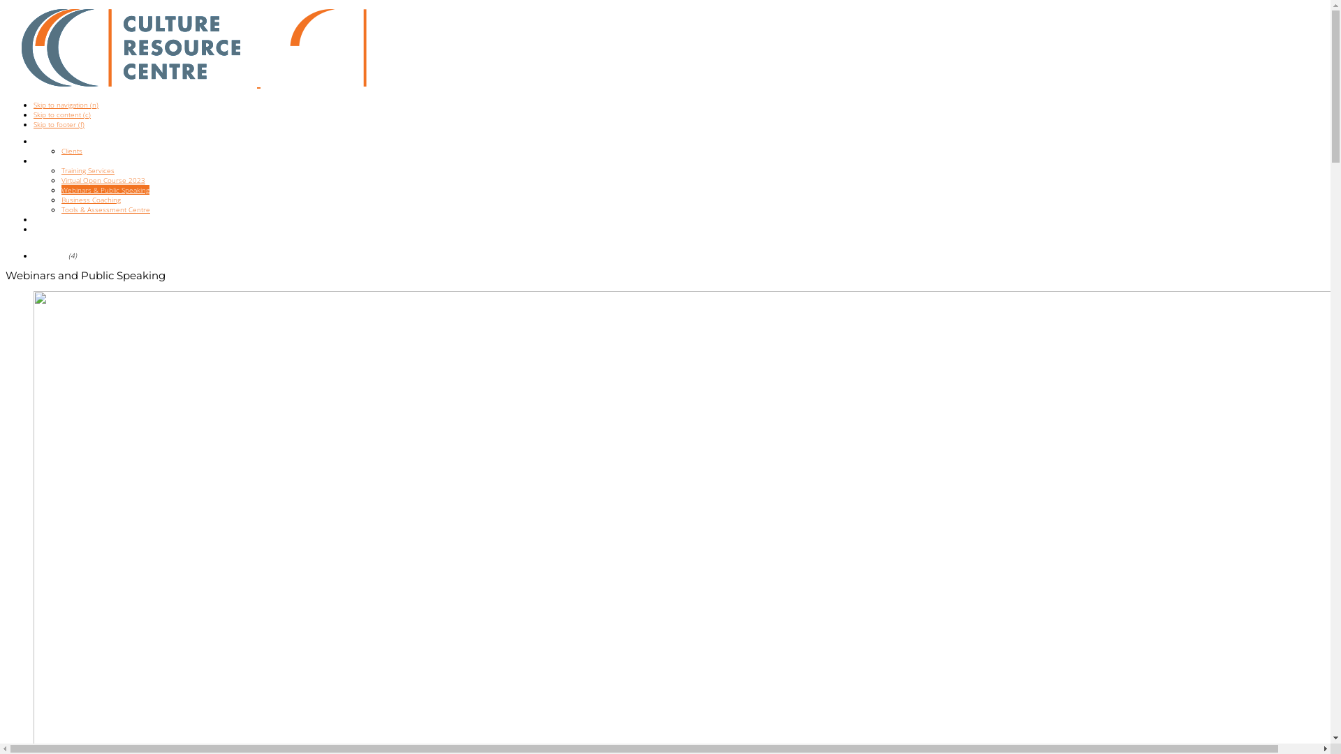 The width and height of the screenshot is (1341, 754). What do you see at coordinates (131, 47) in the screenshot?
I see `'Culture Resource Centre'` at bounding box center [131, 47].